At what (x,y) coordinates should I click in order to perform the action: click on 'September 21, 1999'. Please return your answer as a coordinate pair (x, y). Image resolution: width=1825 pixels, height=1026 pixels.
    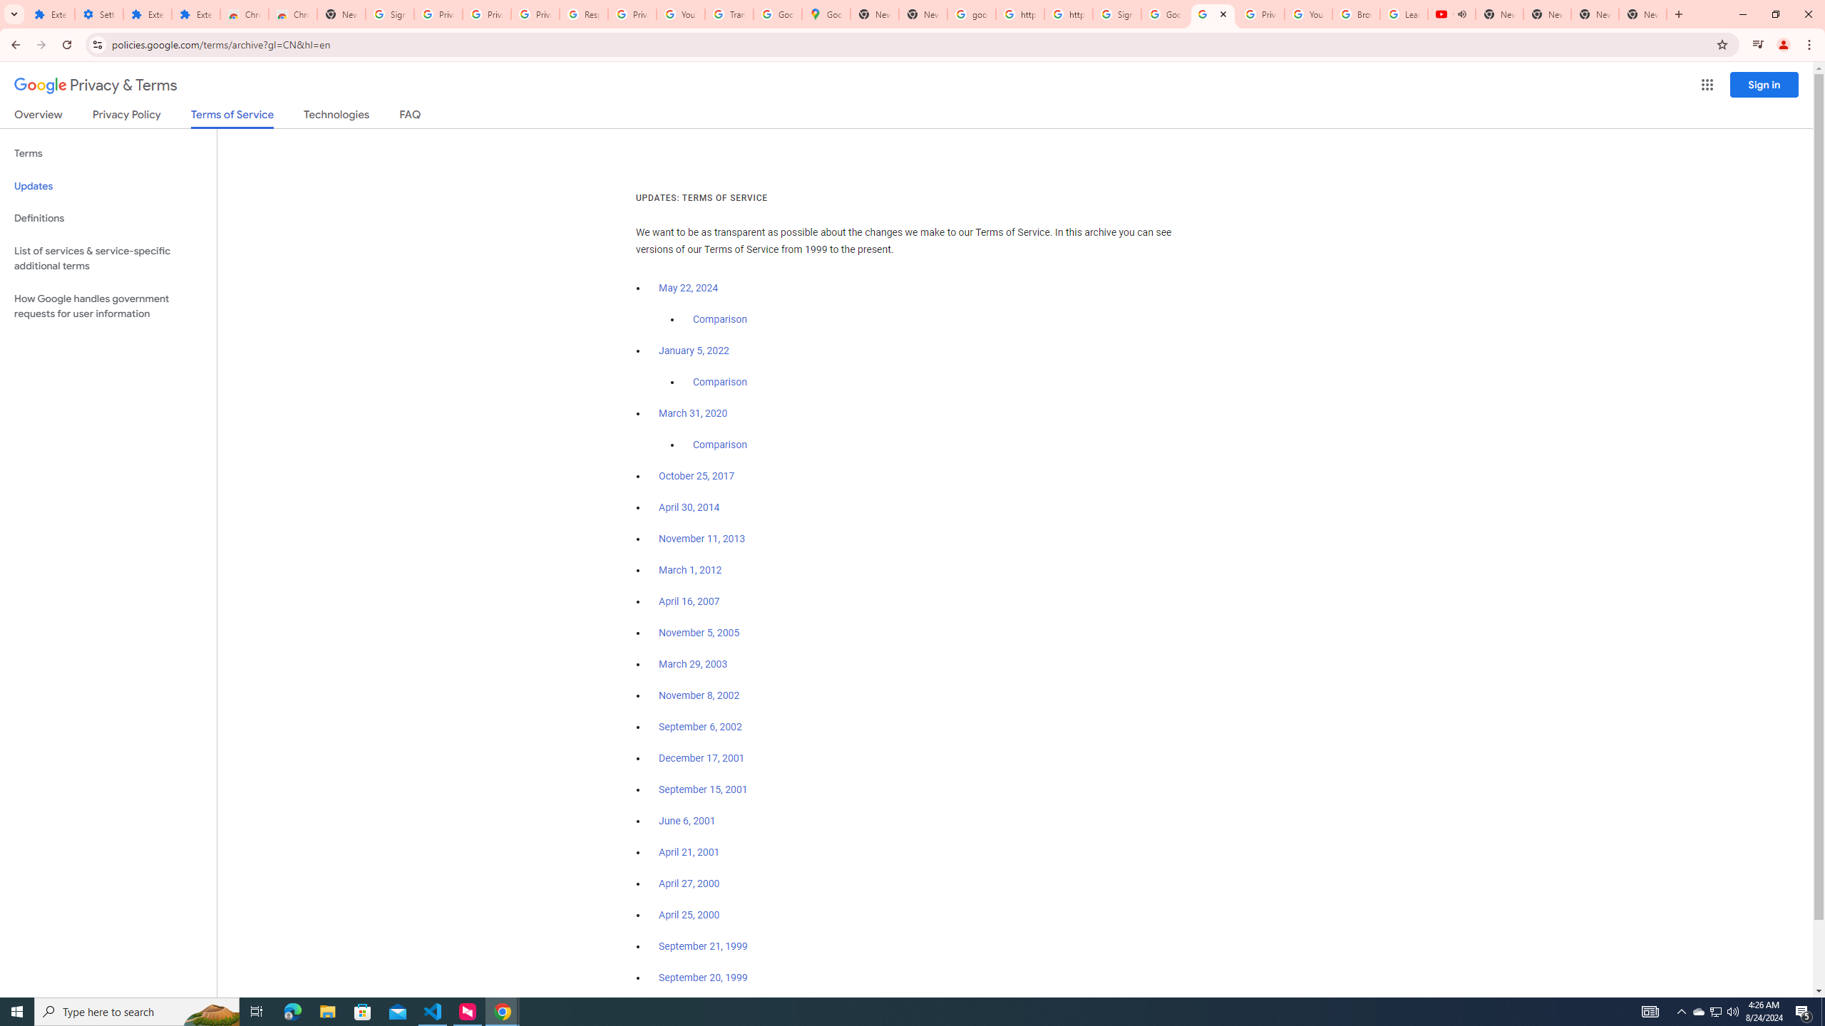
    Looking at the image, I should click on (703, 945).